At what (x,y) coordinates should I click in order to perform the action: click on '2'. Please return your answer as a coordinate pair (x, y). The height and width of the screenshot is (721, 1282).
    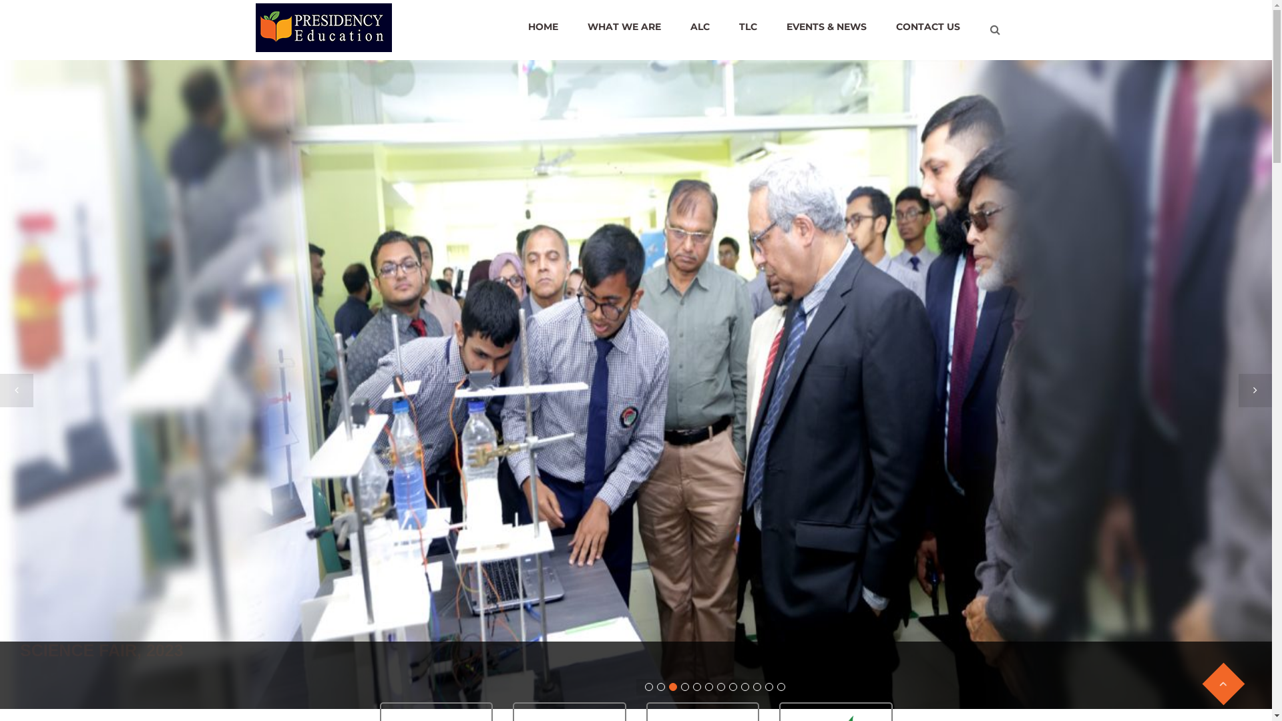
    Looking at the image, I should click on (660, 687).